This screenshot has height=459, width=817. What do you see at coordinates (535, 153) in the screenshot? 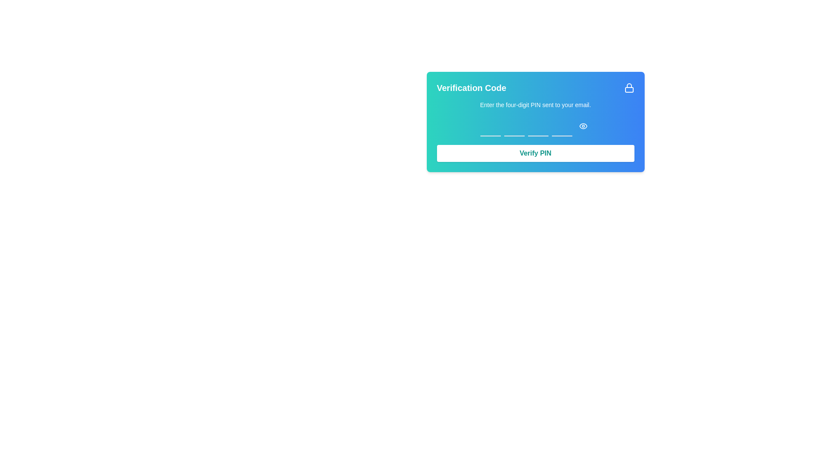
I see `the submit button for PIN verification located at the bottom of the card interface` at bounding box center [535, 153].